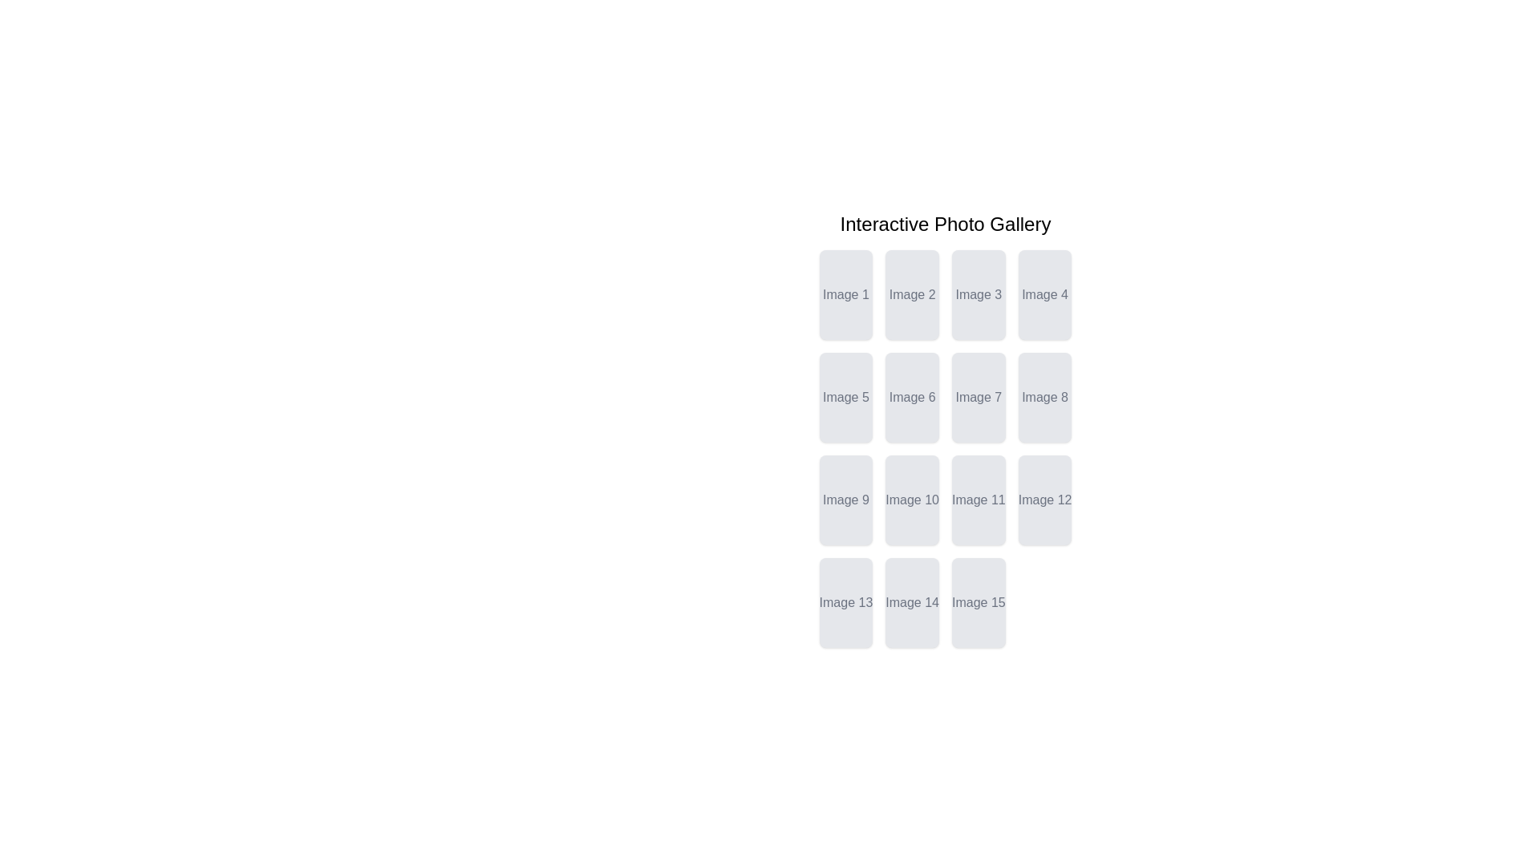 This screenshot has width=1540, height=866. I want to click on the text label '0 Comment' which is displayed in white text on a dark background at the bottom center of the box containing 'Image 11', so click(978, 513).